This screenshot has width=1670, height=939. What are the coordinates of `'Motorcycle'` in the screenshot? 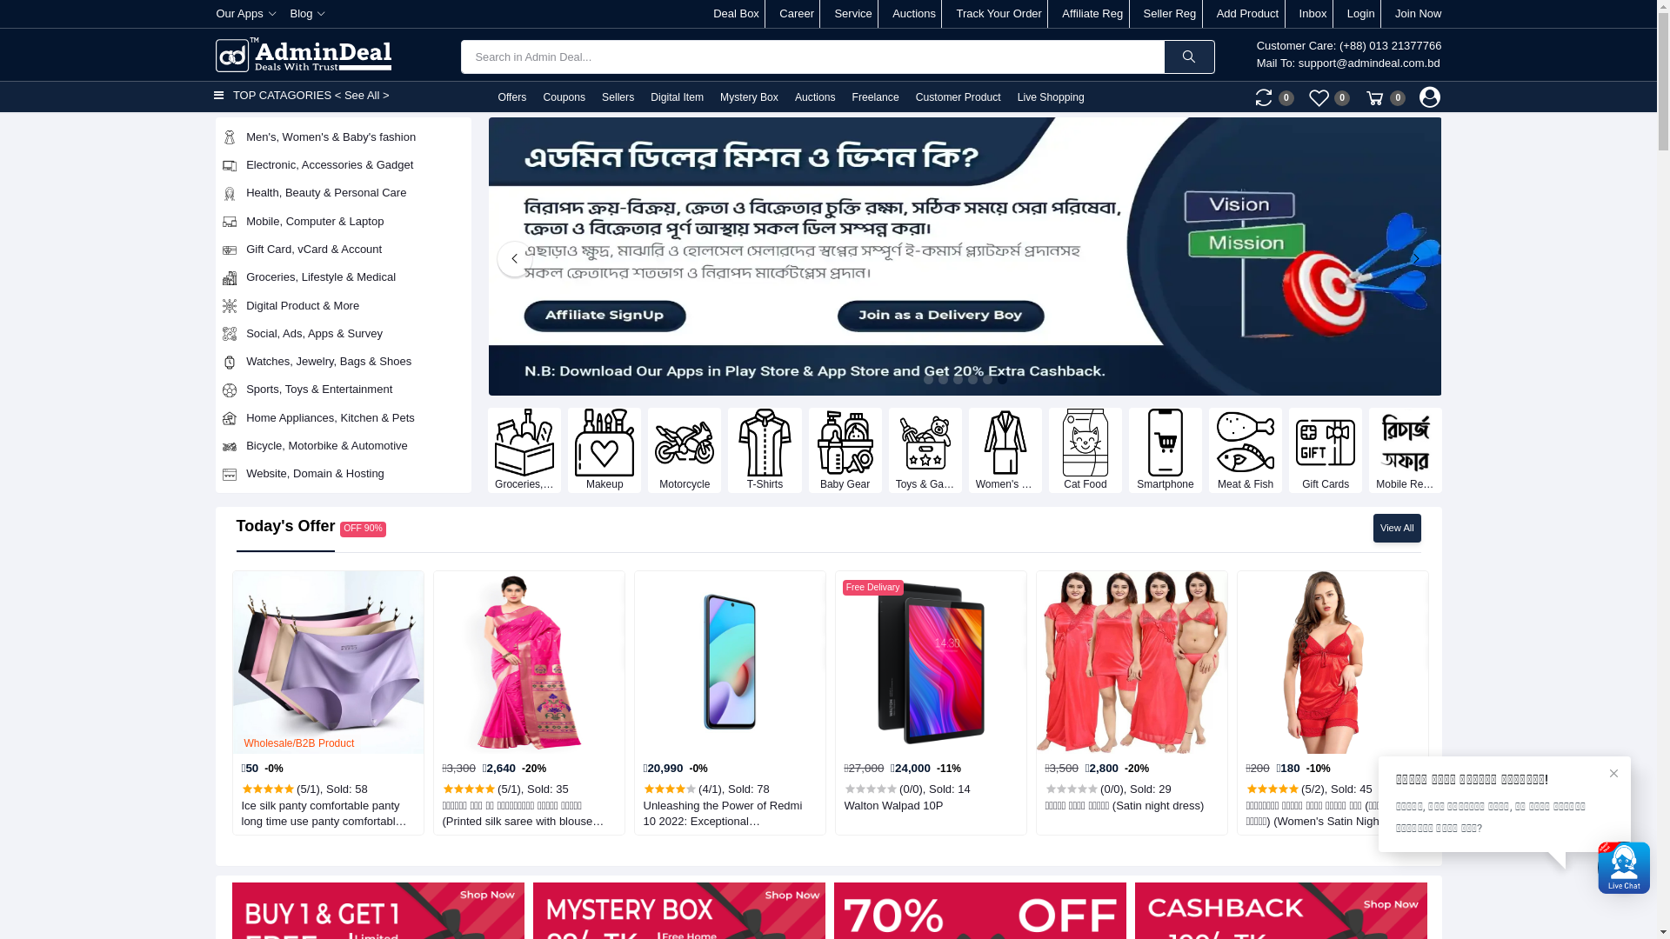 It's located at (684, 449).